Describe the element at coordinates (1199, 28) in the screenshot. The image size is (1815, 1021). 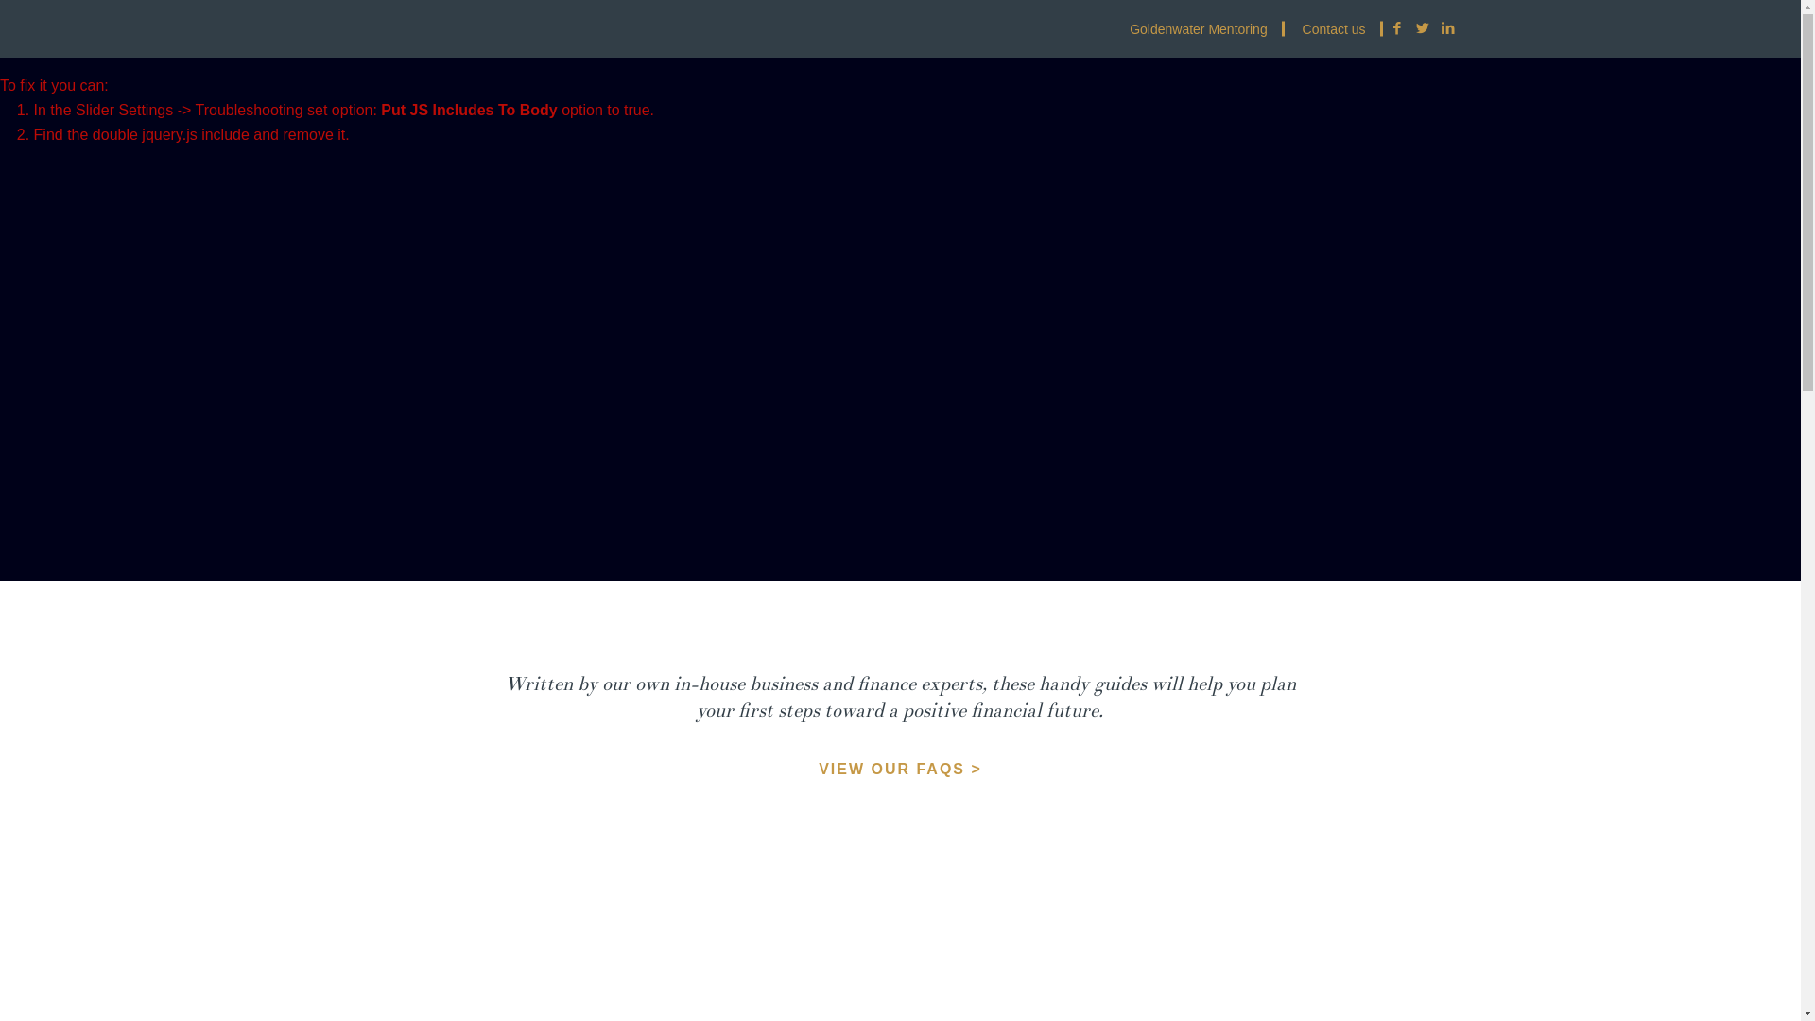
I see `'Goldenwater Mentoring'` at that location.